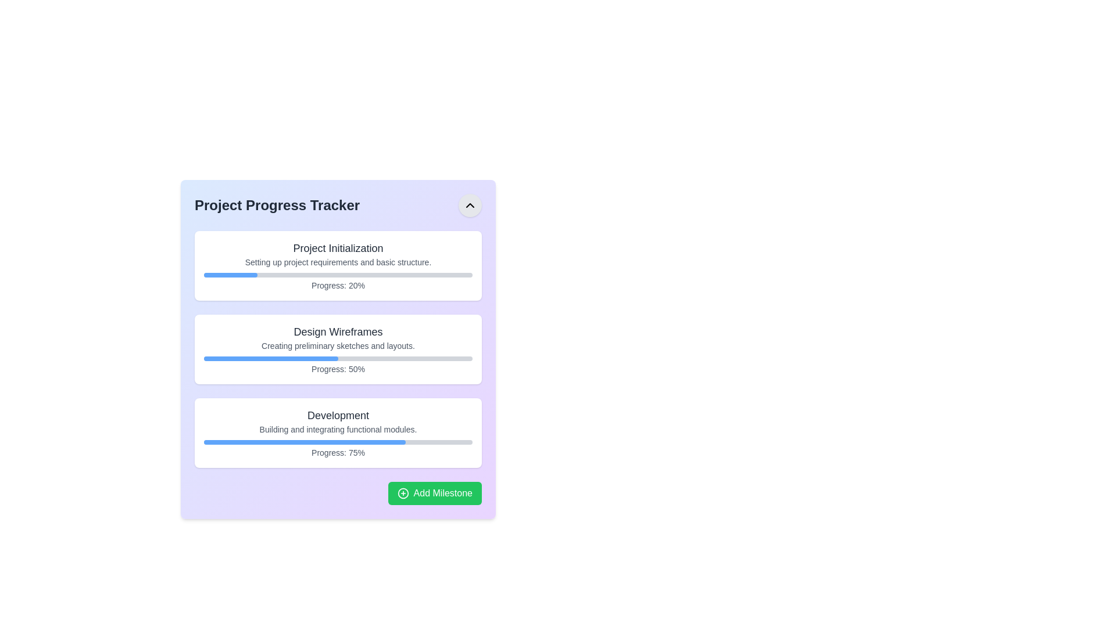  I want to click on the circular icon within the green 'Add Milestone' button located at the bottom of the interface, which suggests an addition or creation functionality for milestones, so click(403, 493).